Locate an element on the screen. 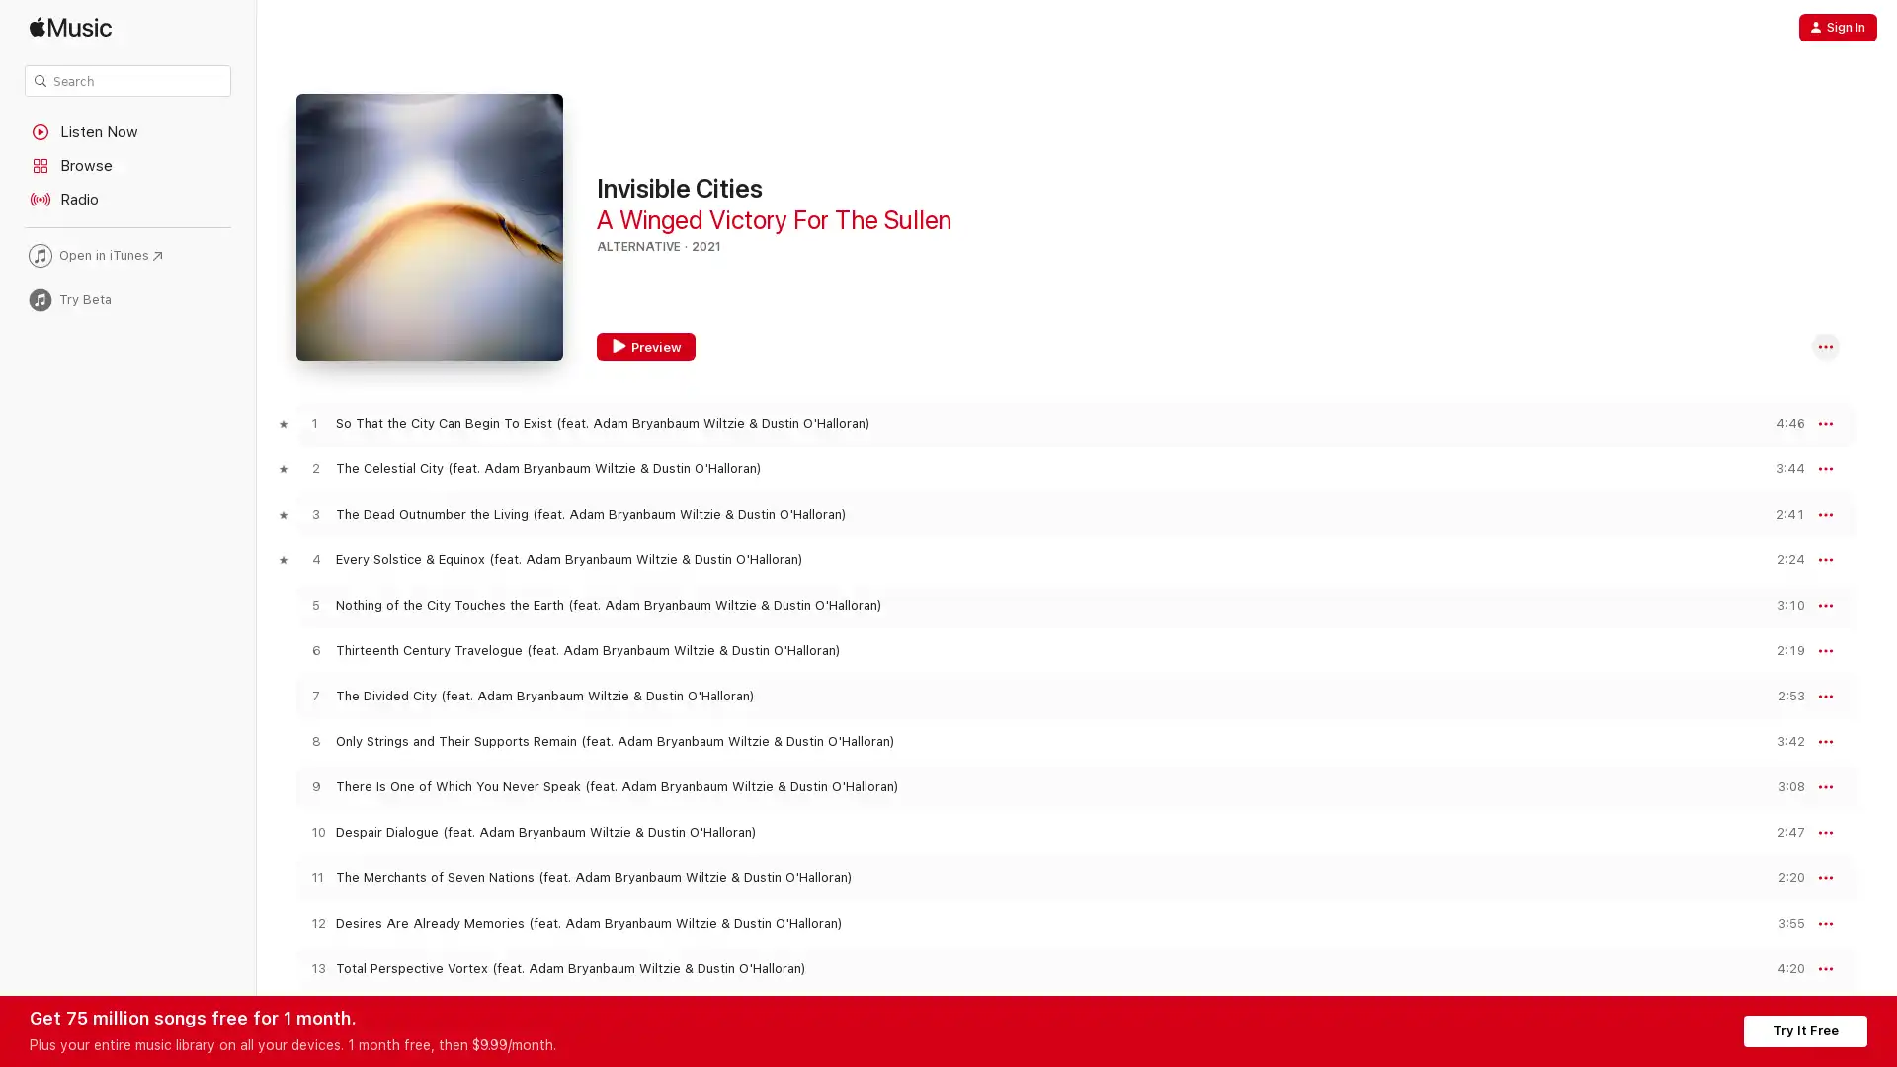 The width and height of the screenshot is (1897, 1067). Preview is located at coordinates (1782, 967).